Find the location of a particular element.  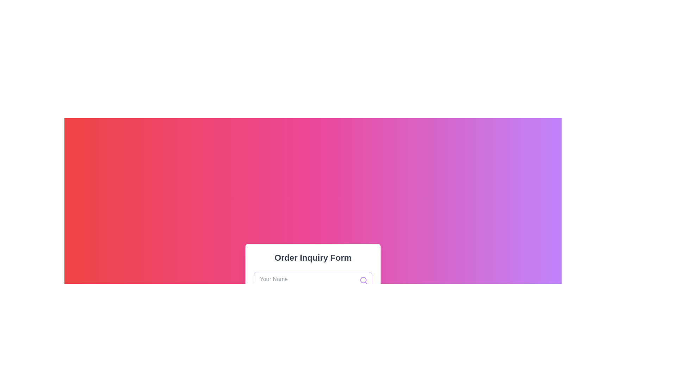

the search icon located at the top-right corner inside the 'Your Name' input field is located at coordinates (363, 280).